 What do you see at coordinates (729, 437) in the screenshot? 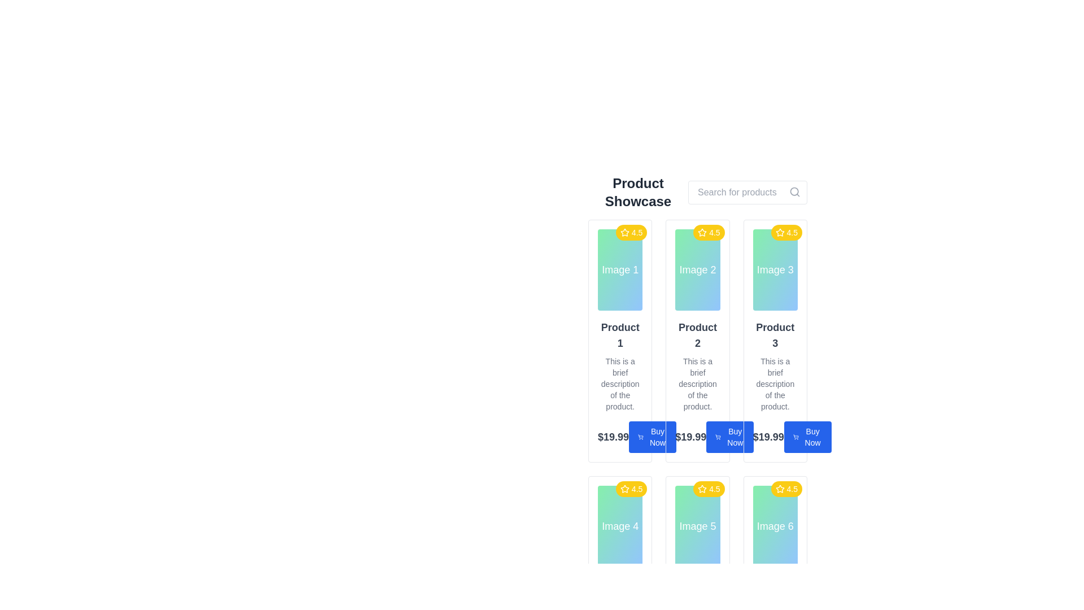
I see `the purchase button located at the bottom-right side of the third product card` at bounding box center [729, 437].